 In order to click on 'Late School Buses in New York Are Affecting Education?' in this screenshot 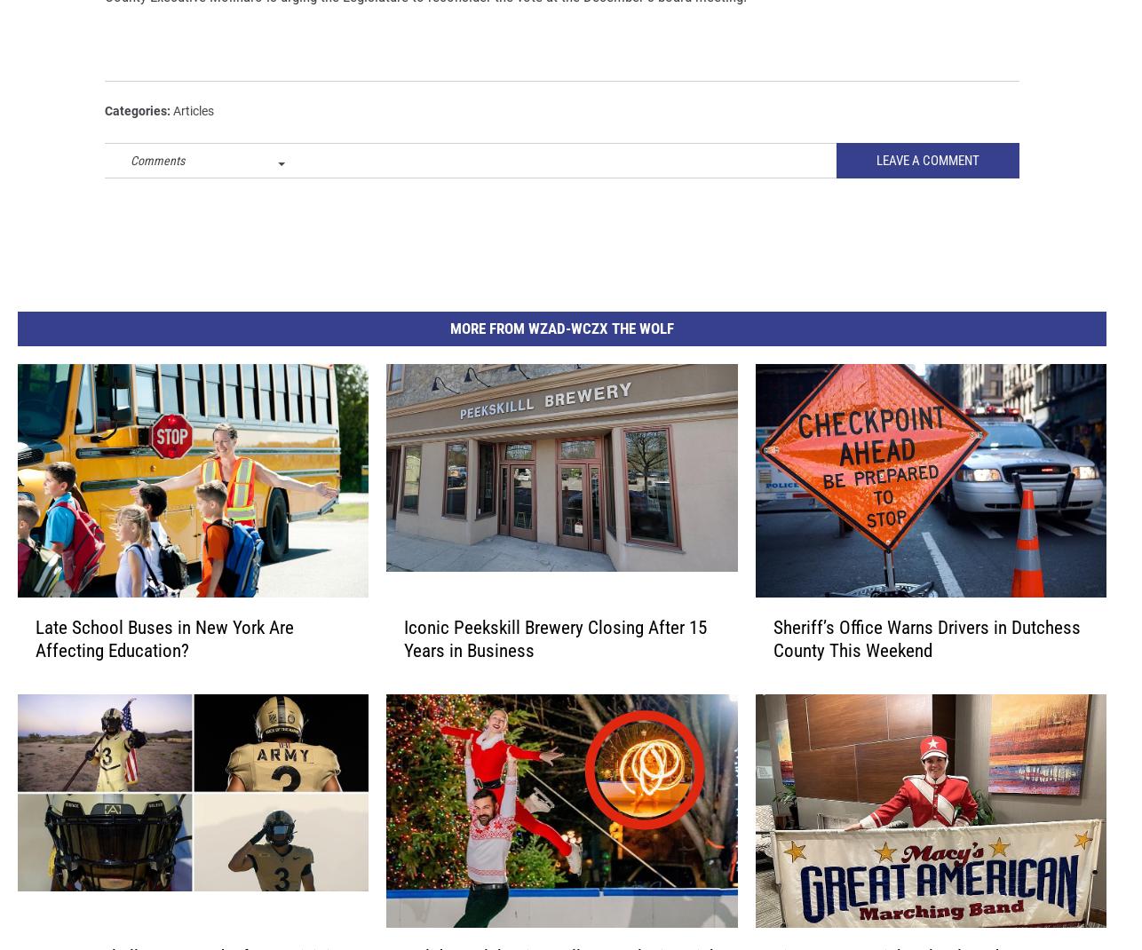, I will do `click(164, 666)`.